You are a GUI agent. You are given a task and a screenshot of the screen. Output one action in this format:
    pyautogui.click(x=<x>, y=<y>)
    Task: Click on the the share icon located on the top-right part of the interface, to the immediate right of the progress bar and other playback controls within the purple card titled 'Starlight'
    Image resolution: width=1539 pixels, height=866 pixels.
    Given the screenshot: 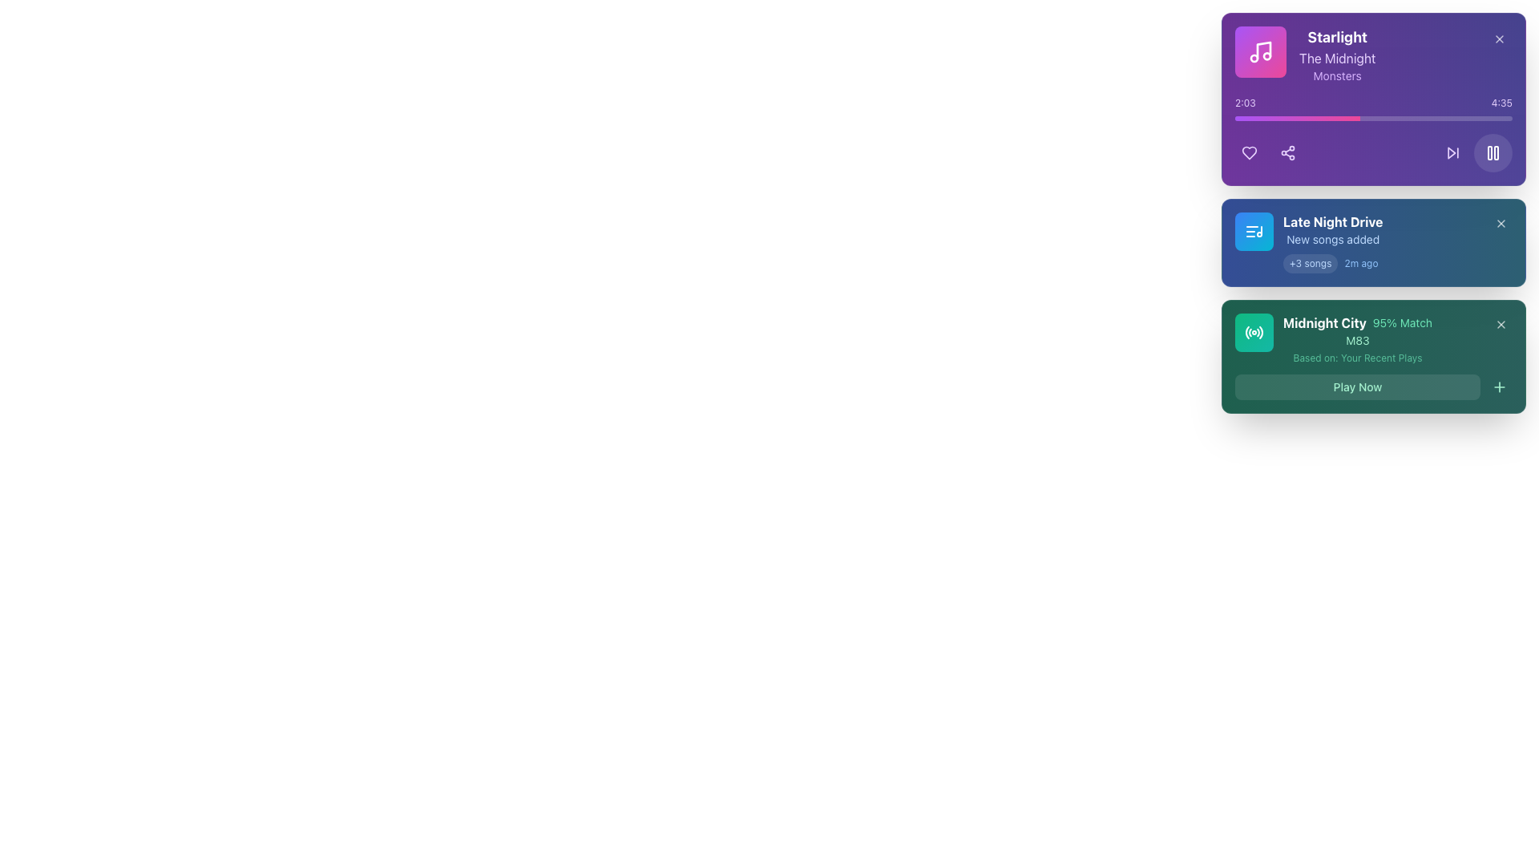 What is the action you would take?
    pyautogui.click(x=1288, y=153)
    